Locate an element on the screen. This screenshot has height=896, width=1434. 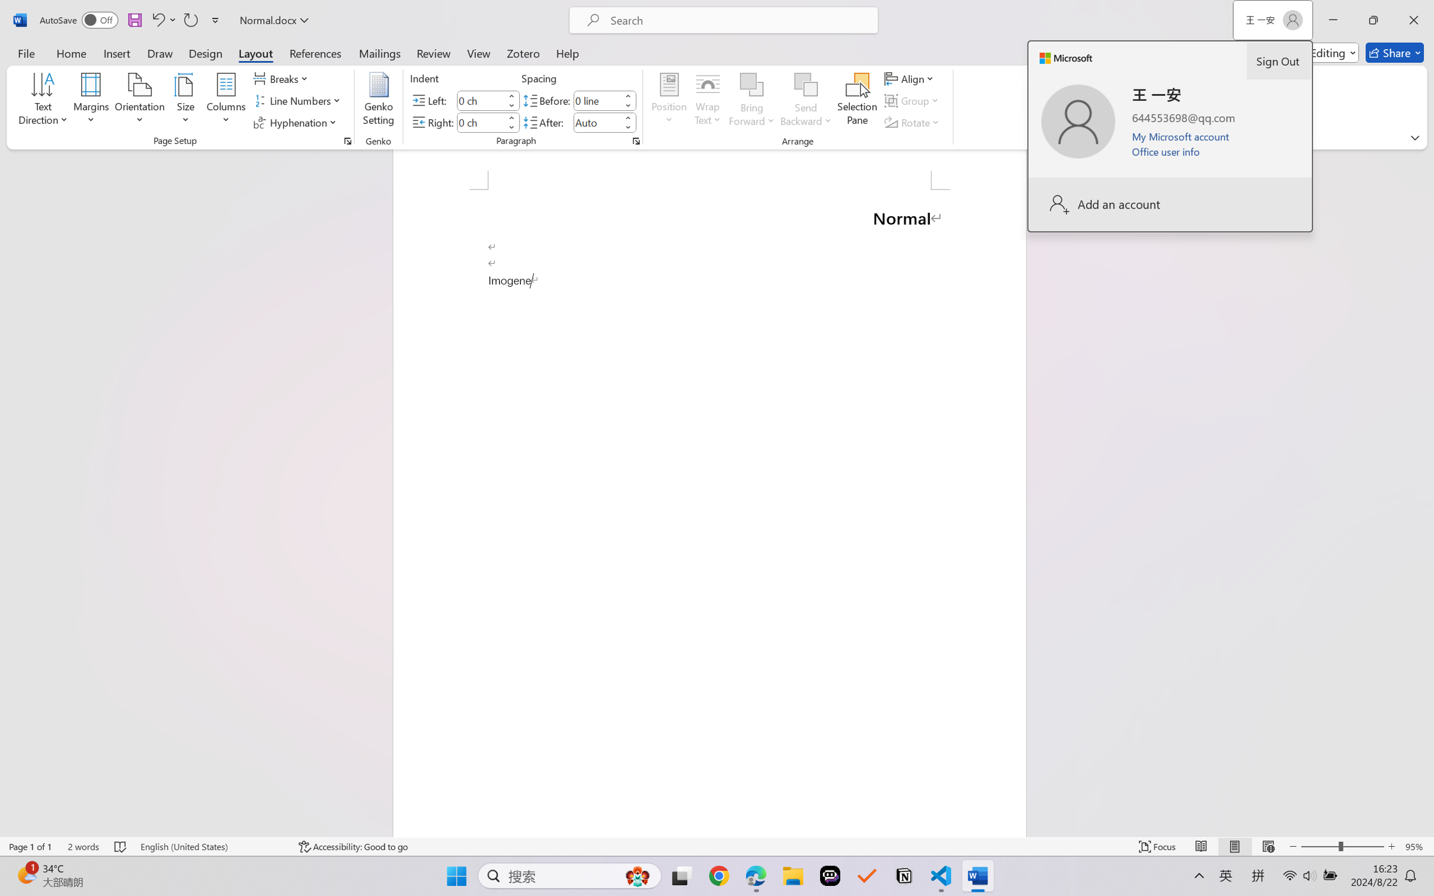
'Group' is located at coordinates (913, 101).